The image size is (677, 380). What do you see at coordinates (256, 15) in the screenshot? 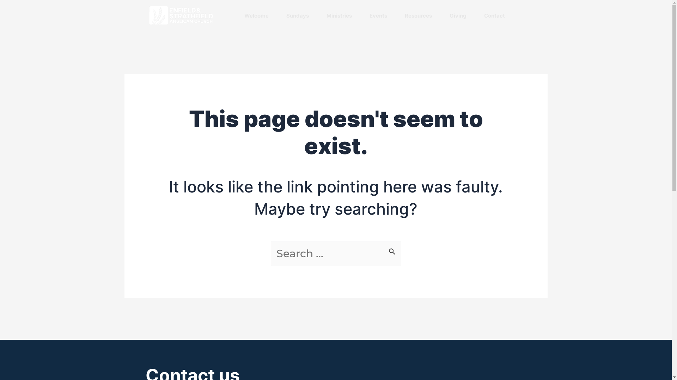
I see `'Welcome'` at bounding box center [256, 15].